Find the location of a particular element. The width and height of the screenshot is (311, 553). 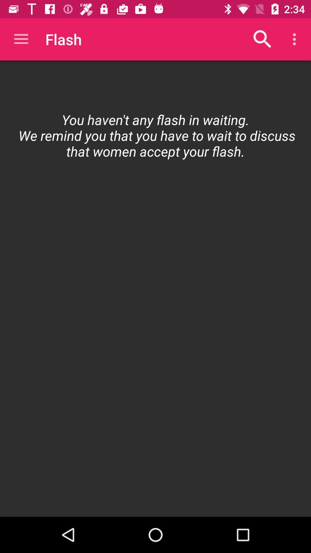

icon above the   item is located at coordinates (296, 39).